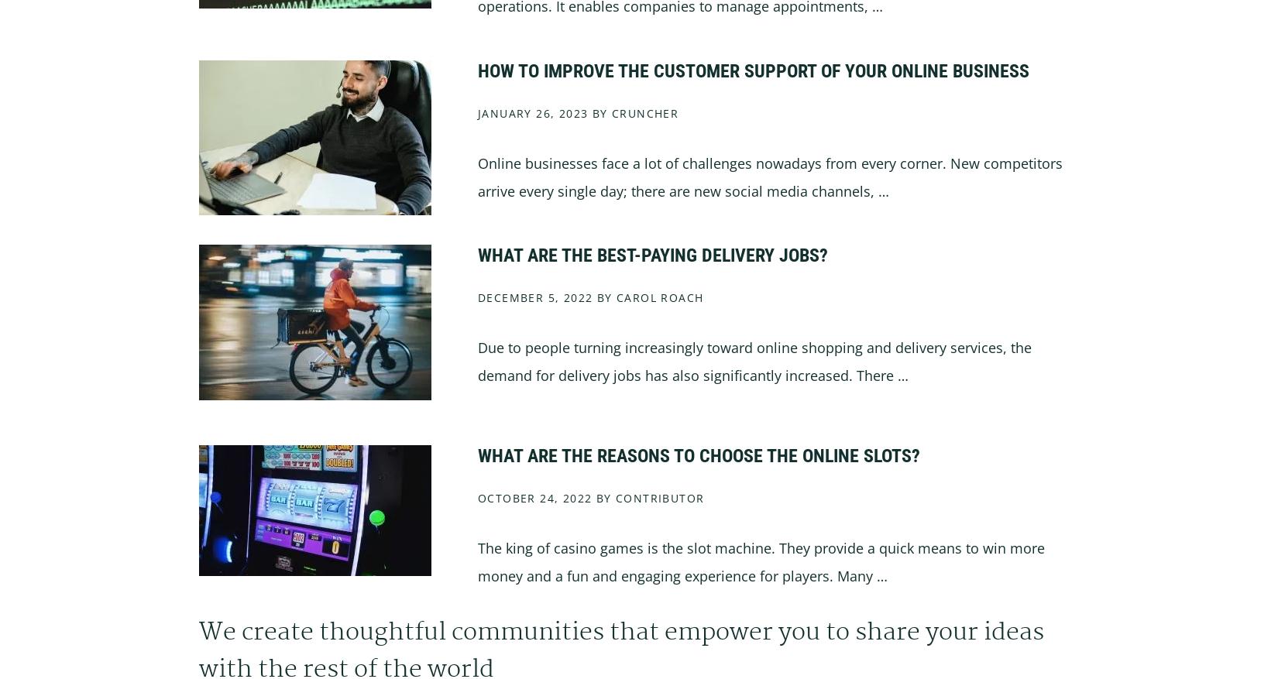  Describe the element at coordinates (761, 561) in the screenshot. I see `'The king of casino games is the slot machine. They provide a quick means to win more money and a fun and engaging experience for players. Many …'` at that location.